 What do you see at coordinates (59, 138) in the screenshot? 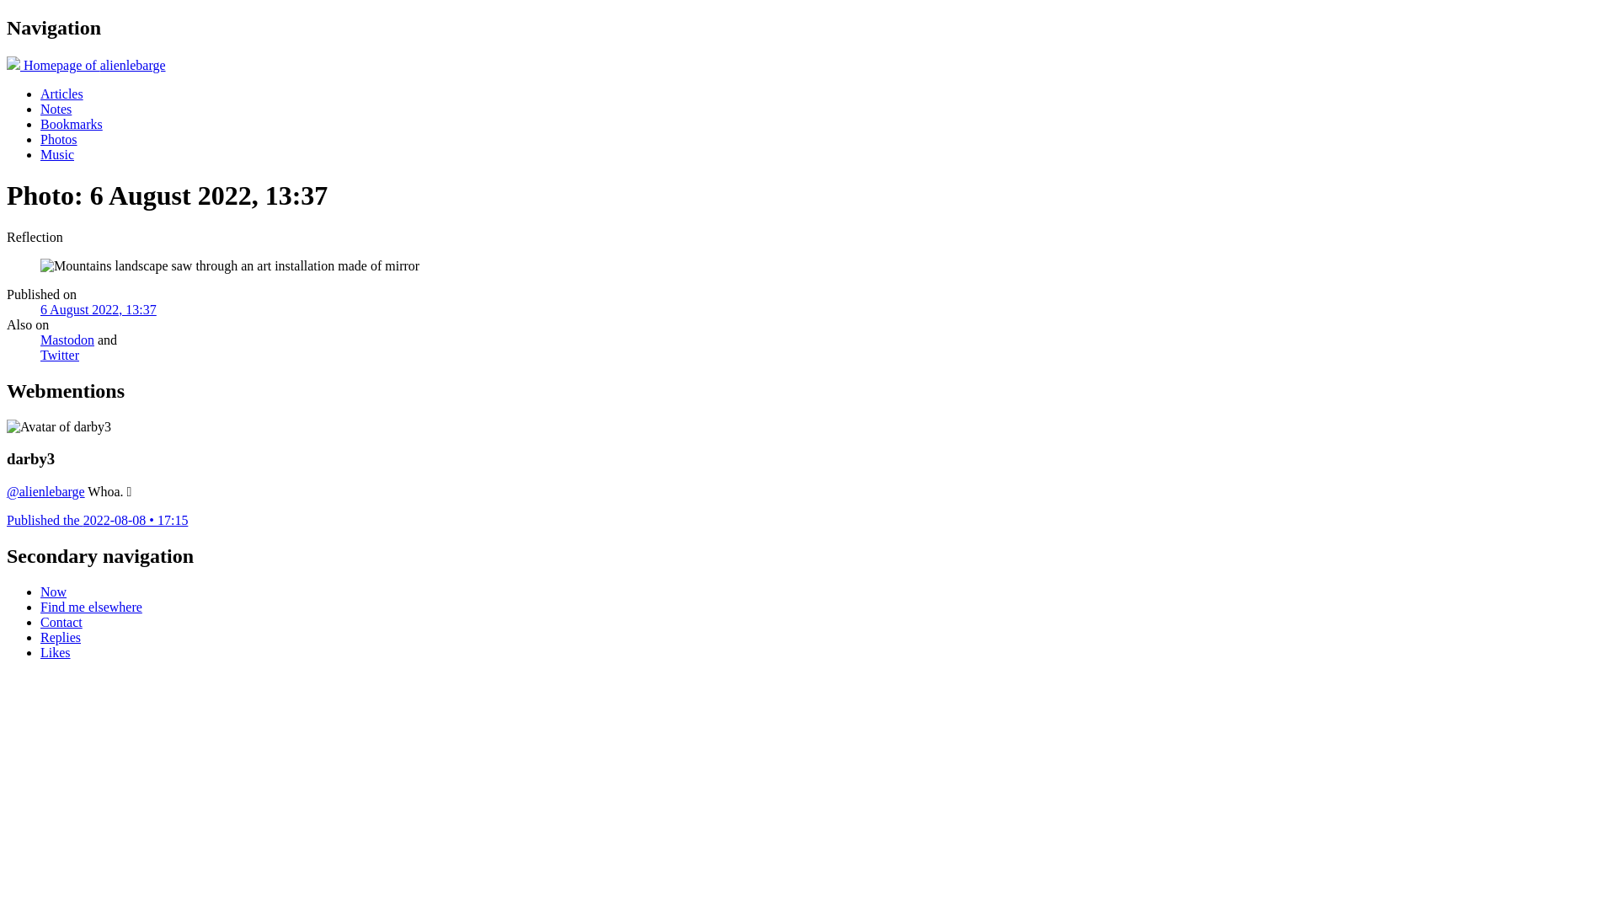
I see `'Photos'` at bounding box center [59, 138].